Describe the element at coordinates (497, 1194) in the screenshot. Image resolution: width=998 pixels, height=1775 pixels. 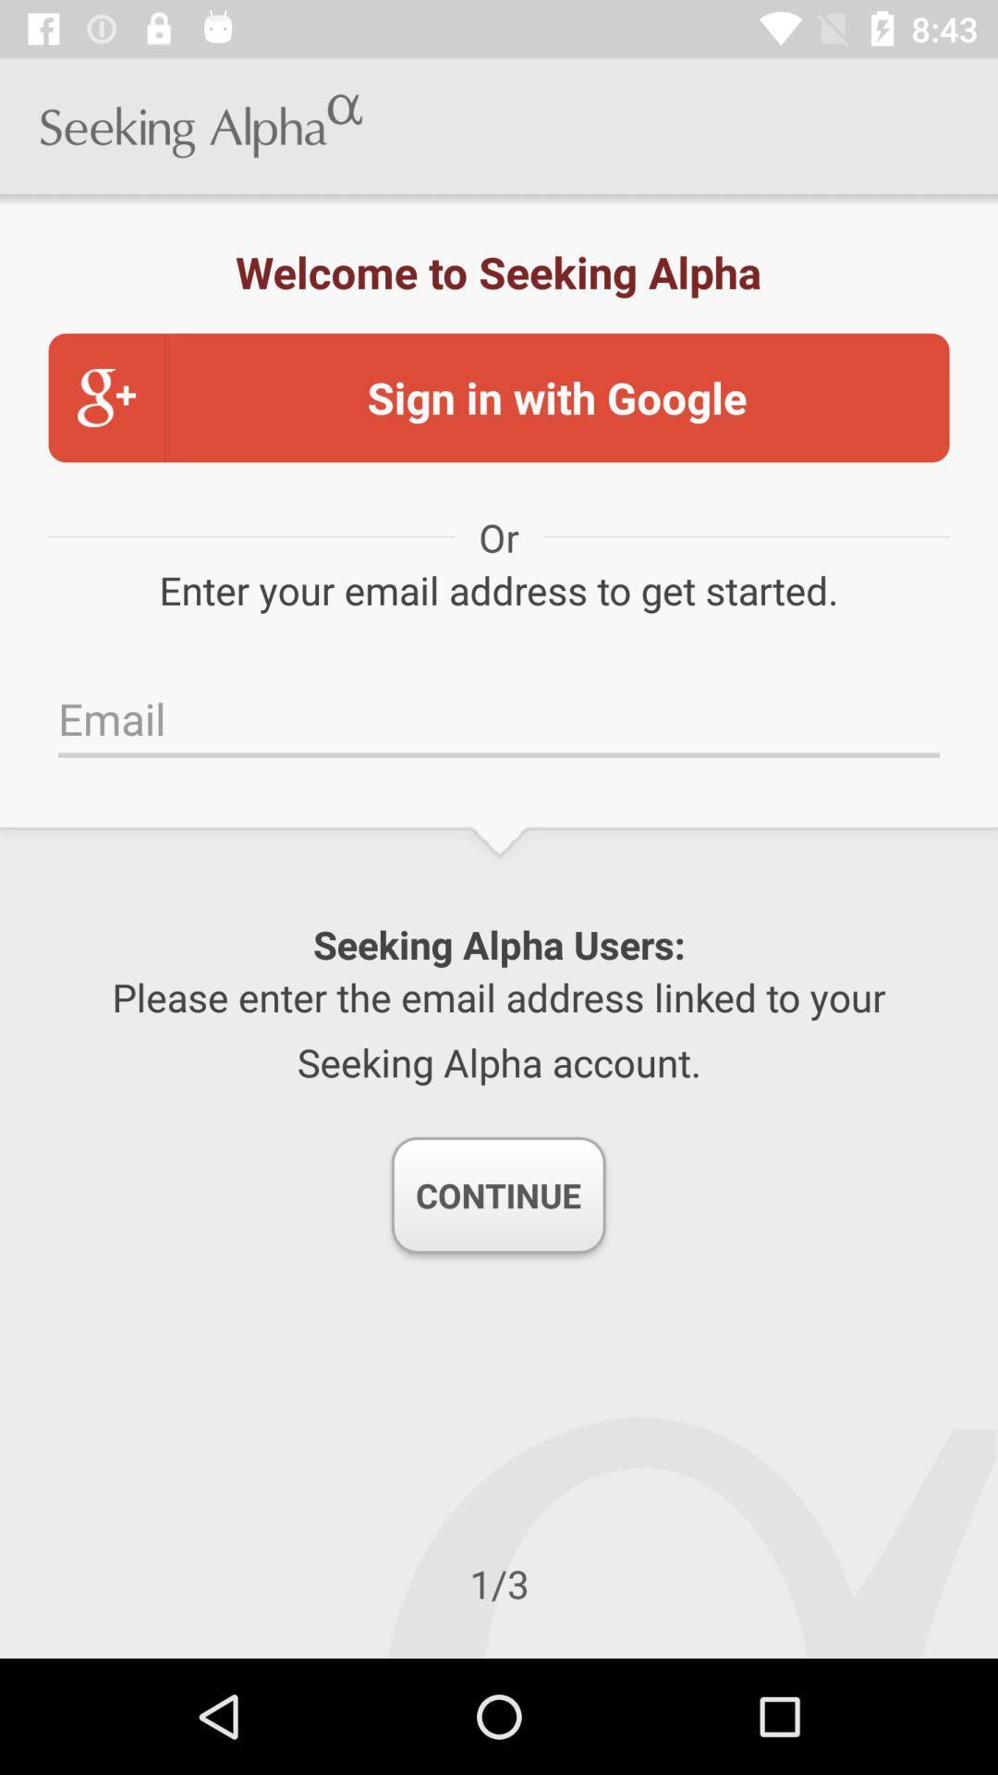
I see `the continue` at that location.